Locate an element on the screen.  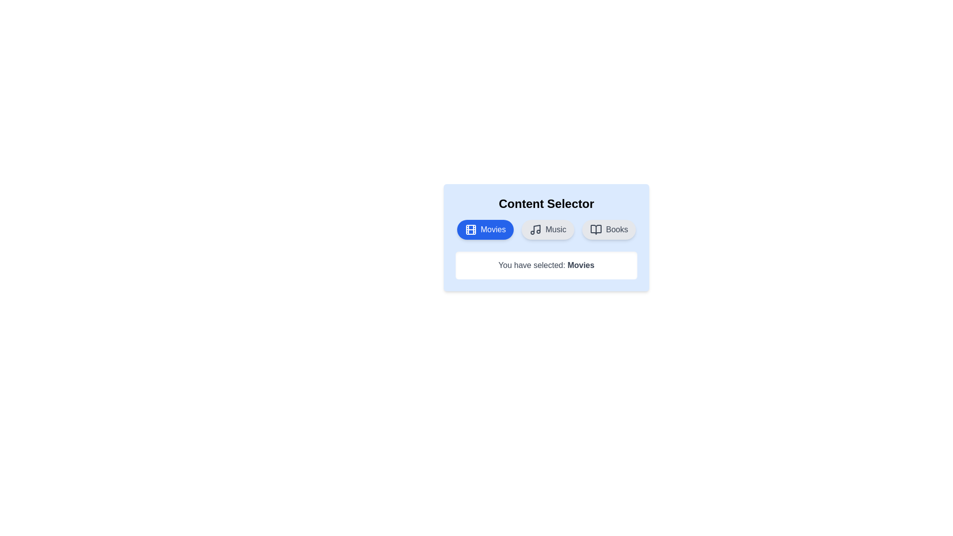
the button labeled Books to select the corresponding content section is located at coordinates (609, 229).